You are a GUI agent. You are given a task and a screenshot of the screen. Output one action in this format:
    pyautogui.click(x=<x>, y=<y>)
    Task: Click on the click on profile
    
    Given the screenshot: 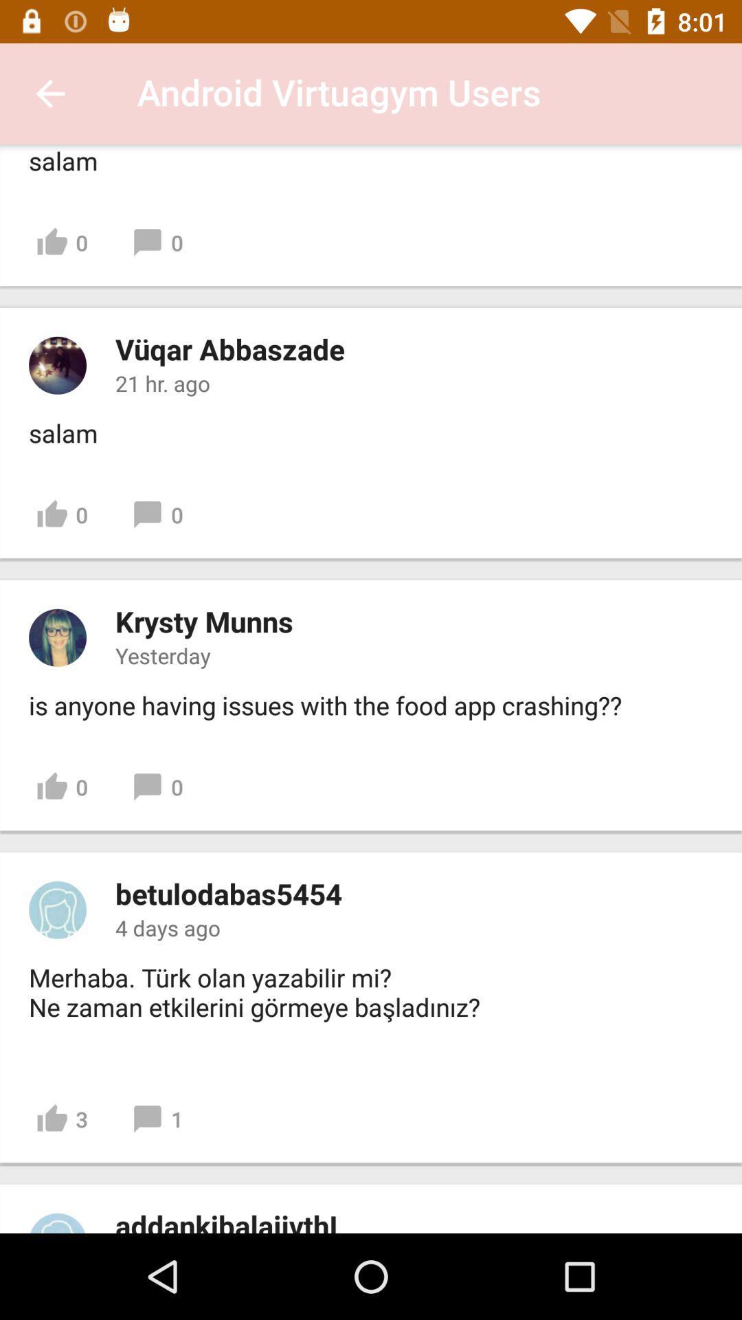 What is the action you would take?
    pyautogui.click(x=57, y=910)
    